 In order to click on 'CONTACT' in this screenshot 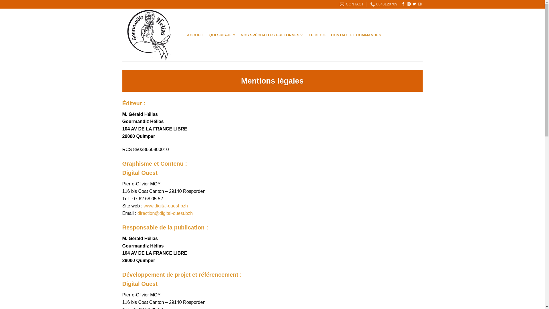, I will do `click(351, 4)`.